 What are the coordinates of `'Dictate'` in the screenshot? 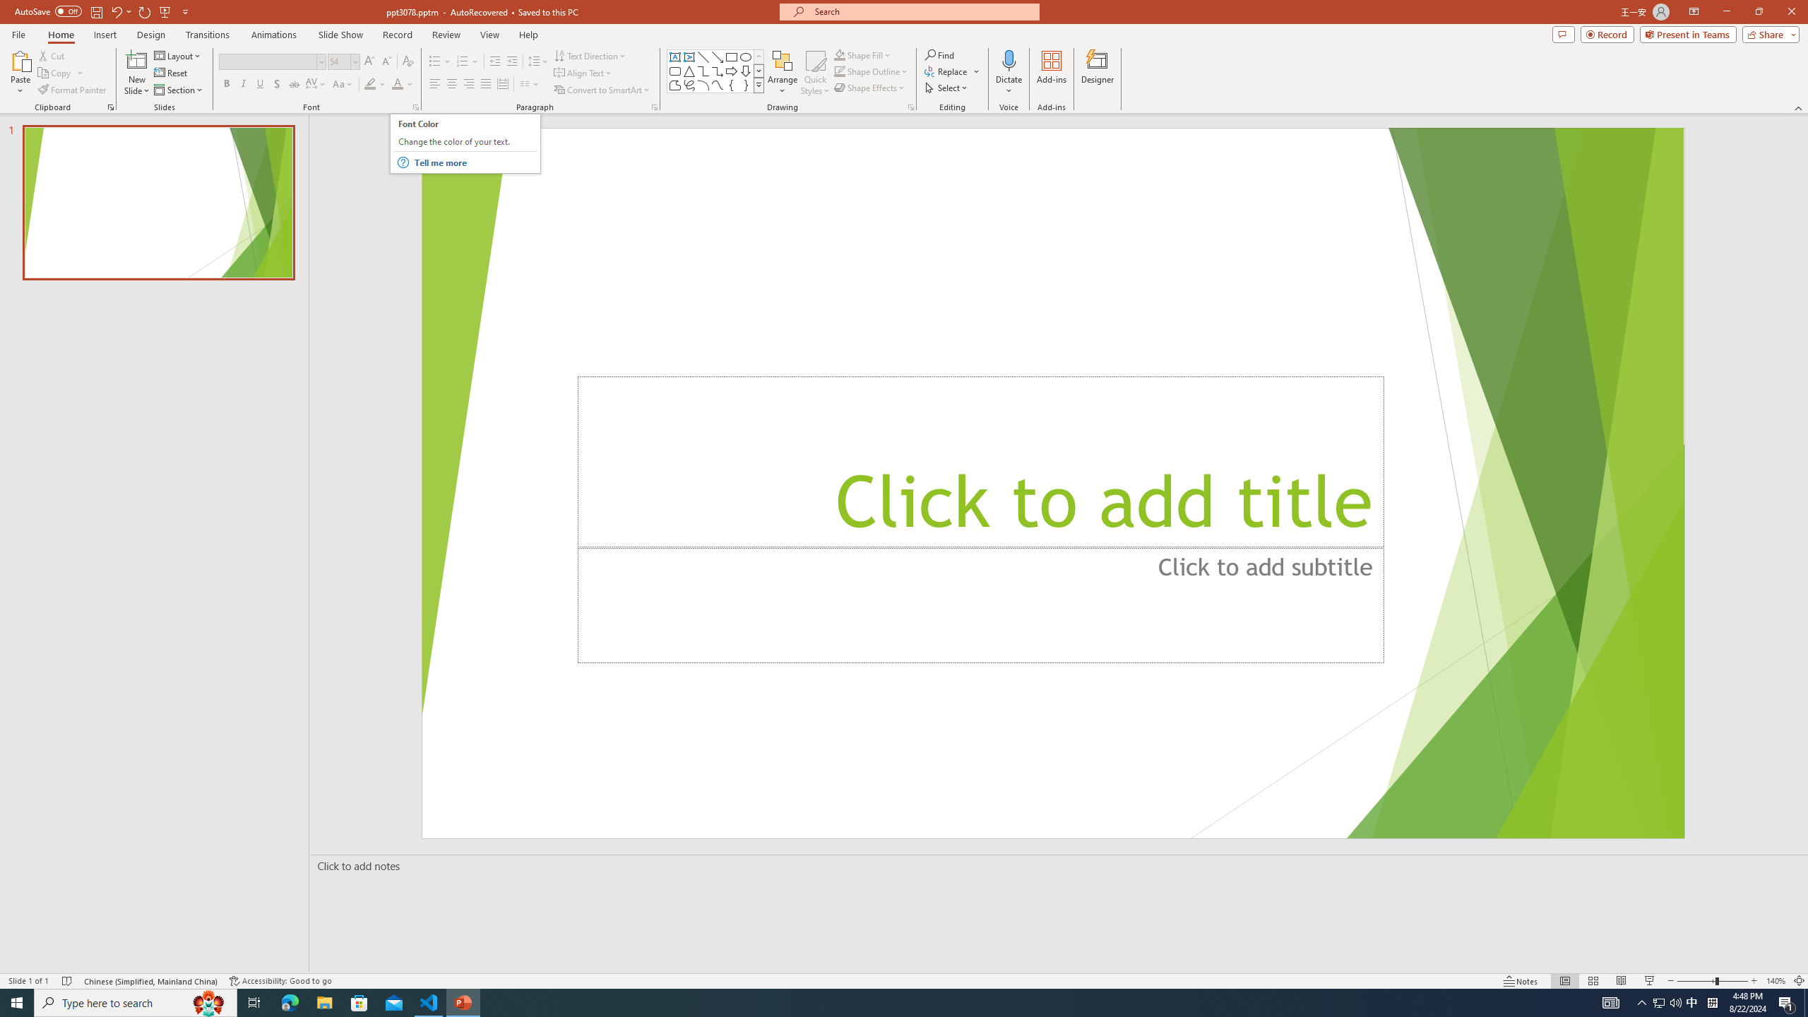 It's located at (1008, 73).